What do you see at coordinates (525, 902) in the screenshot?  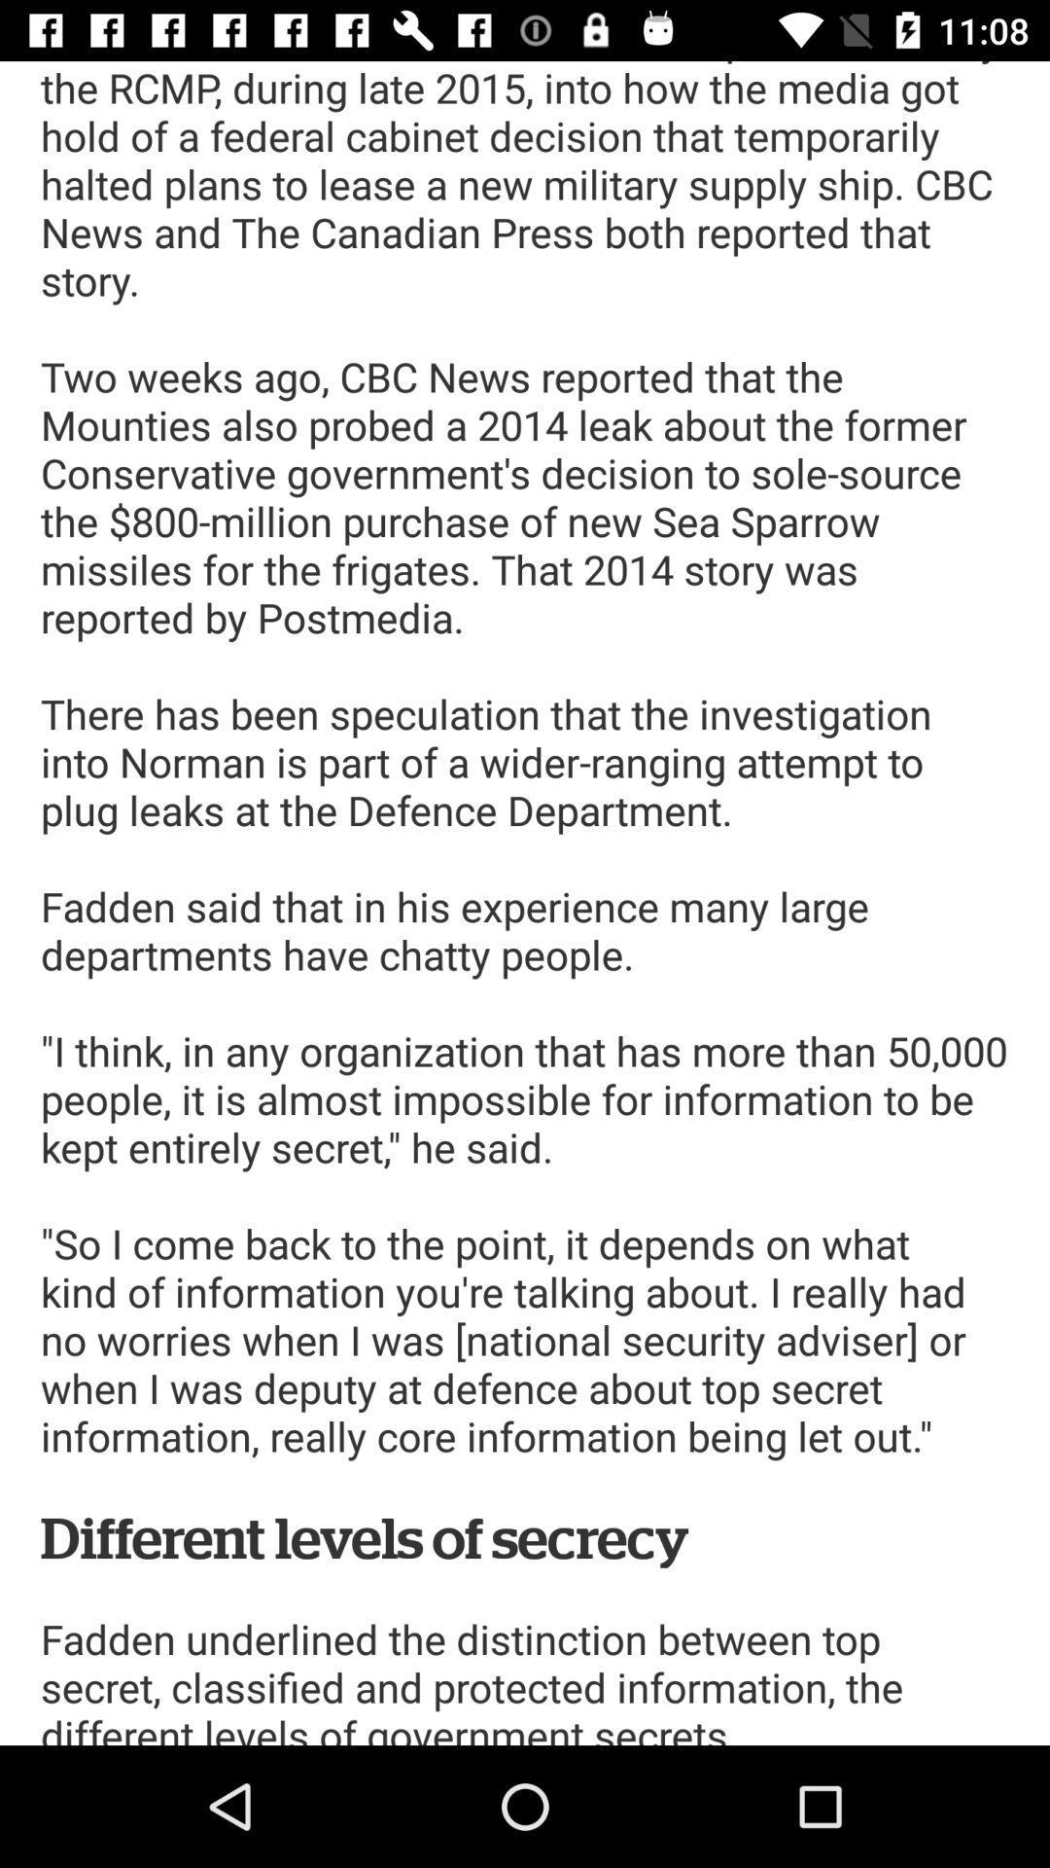 I see `i think that` at bounding box center [525, 902].